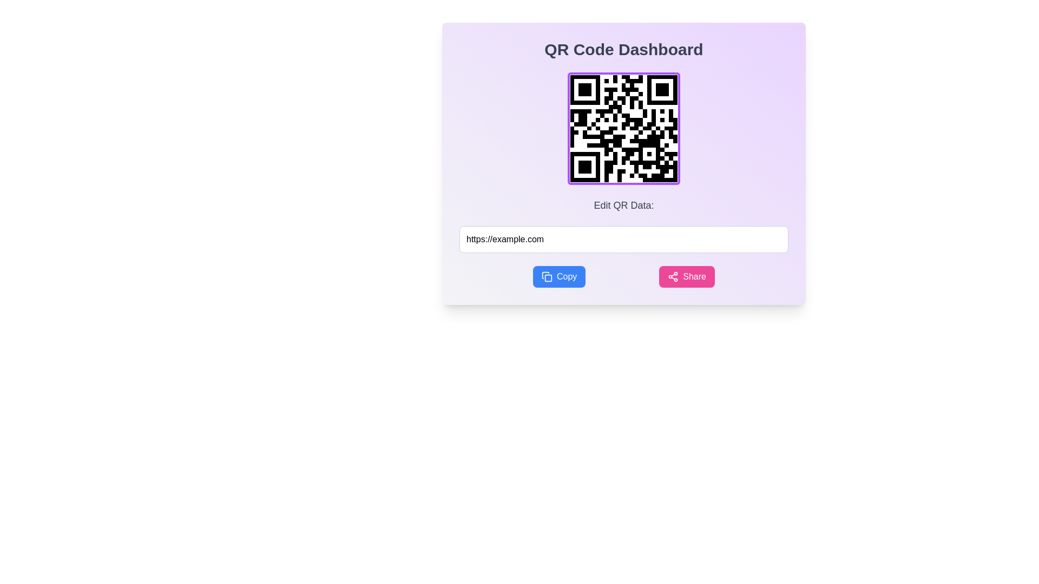 Image resolution: width=1039 pixels, height=584 pixels. Describe the element at coordinates (547, 276) in the screenshot. I see `the vector icon resembling two overlapping document outlines, which is located inside the blue button labeled 'Copy' and positioned to the left of the text` at that location.